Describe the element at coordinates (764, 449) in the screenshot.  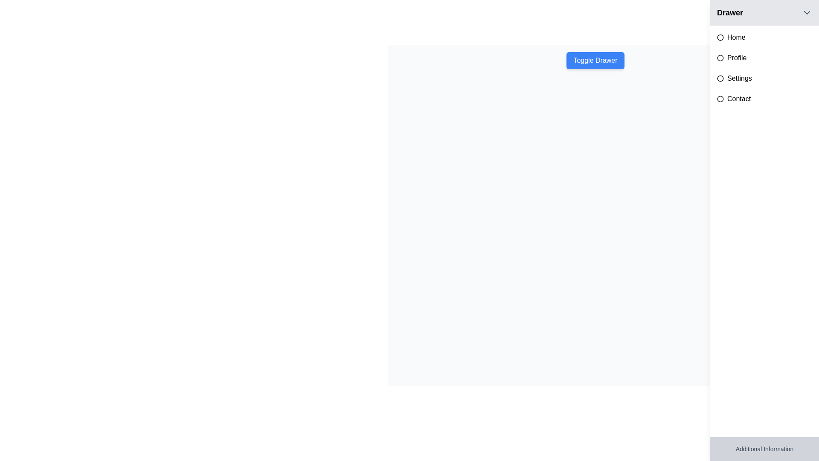
I see `text displayed in the 'Additional Information' text label, which is located at the bottom-right corner of the interface in the footer region` at that location.